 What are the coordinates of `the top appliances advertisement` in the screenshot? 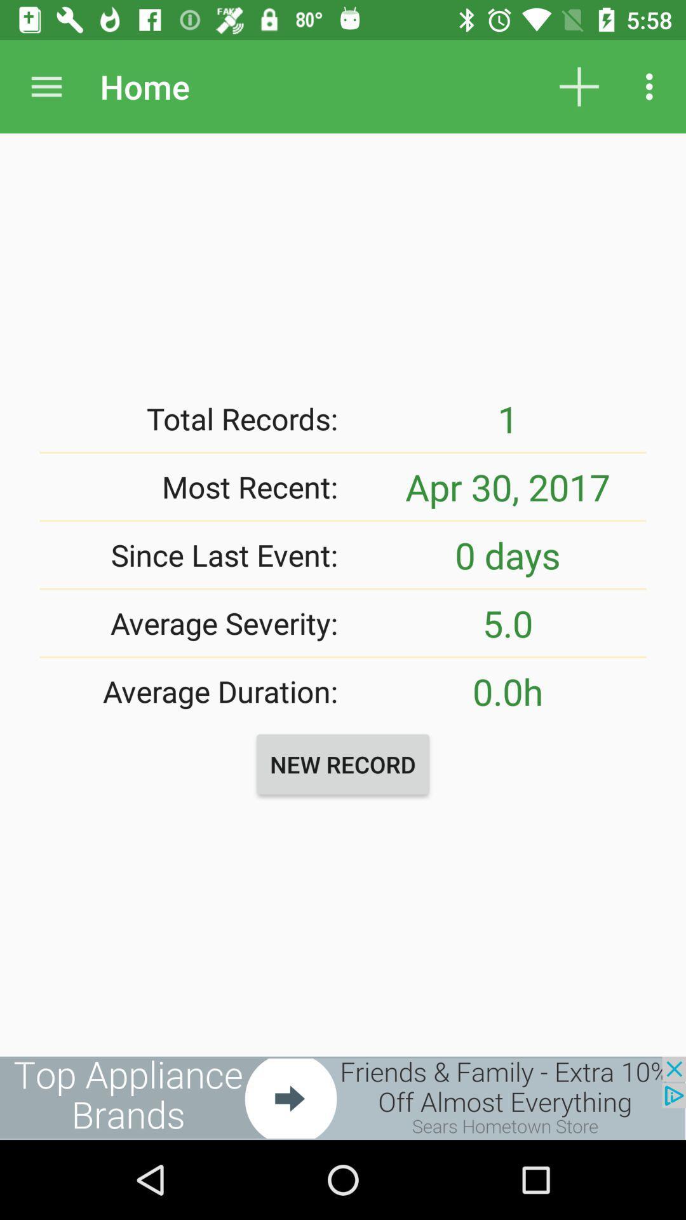 It's located at (343, 1097).